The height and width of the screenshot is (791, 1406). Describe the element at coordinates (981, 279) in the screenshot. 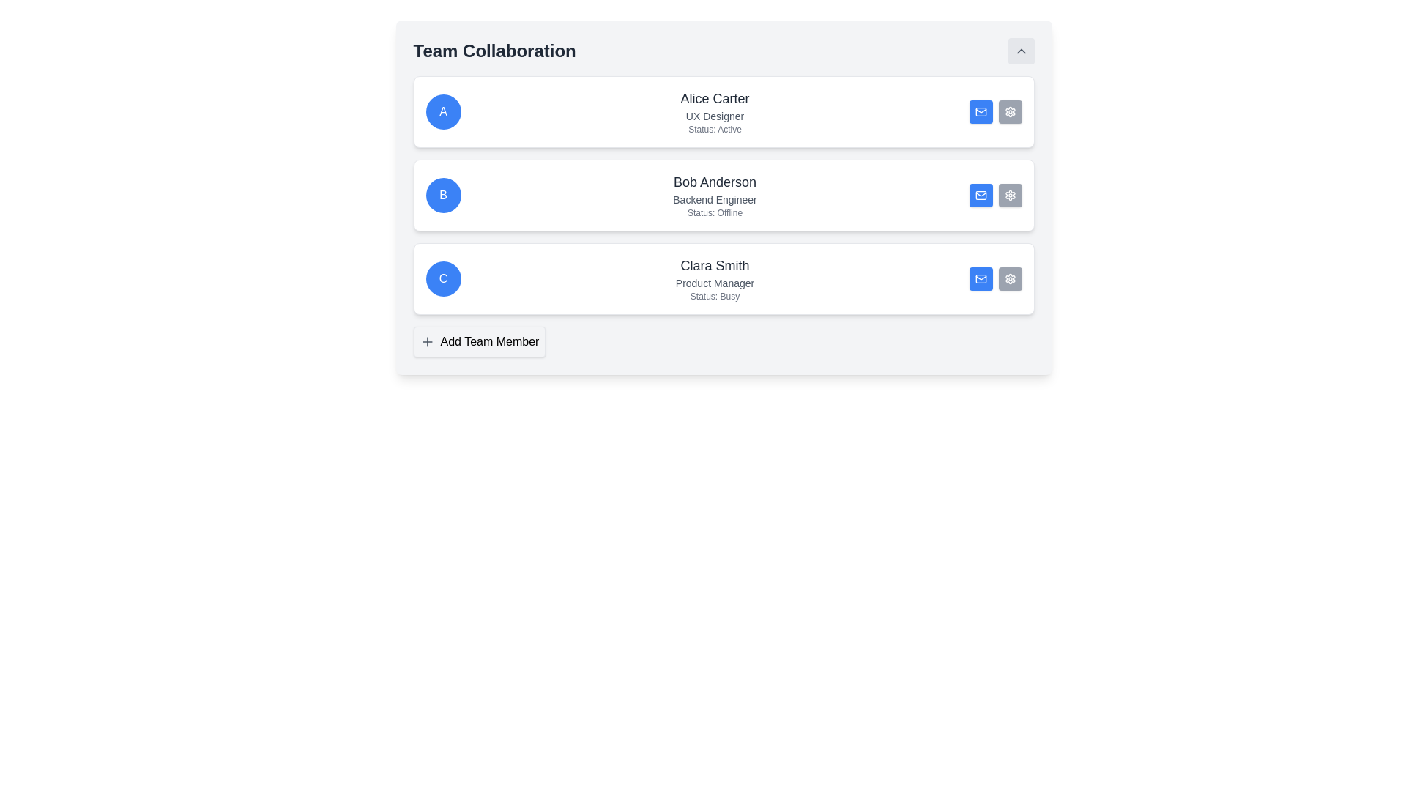

I see `the email action button located to the right of Clara Smith, Product Manager, in the bottom row of the team members list` at that location.